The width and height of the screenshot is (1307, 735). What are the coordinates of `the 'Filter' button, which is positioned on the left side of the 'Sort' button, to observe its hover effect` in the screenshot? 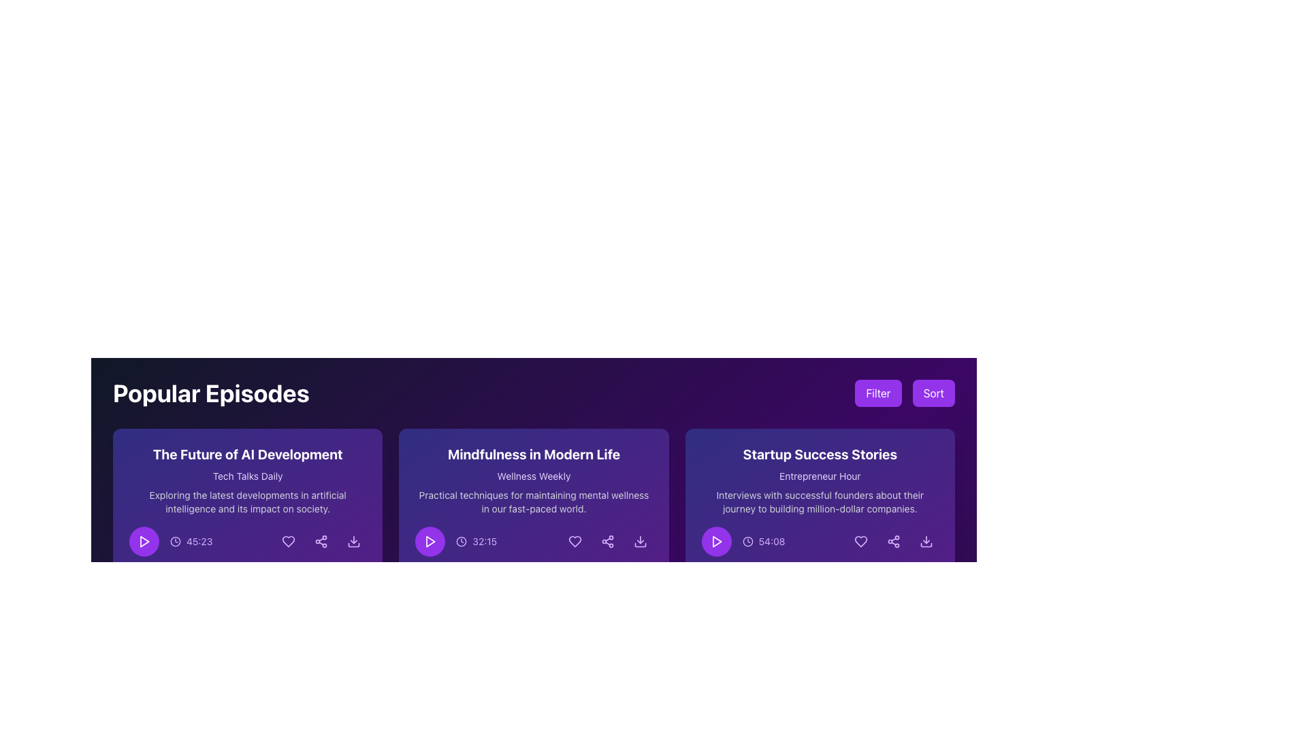 It's located at (878, 393).